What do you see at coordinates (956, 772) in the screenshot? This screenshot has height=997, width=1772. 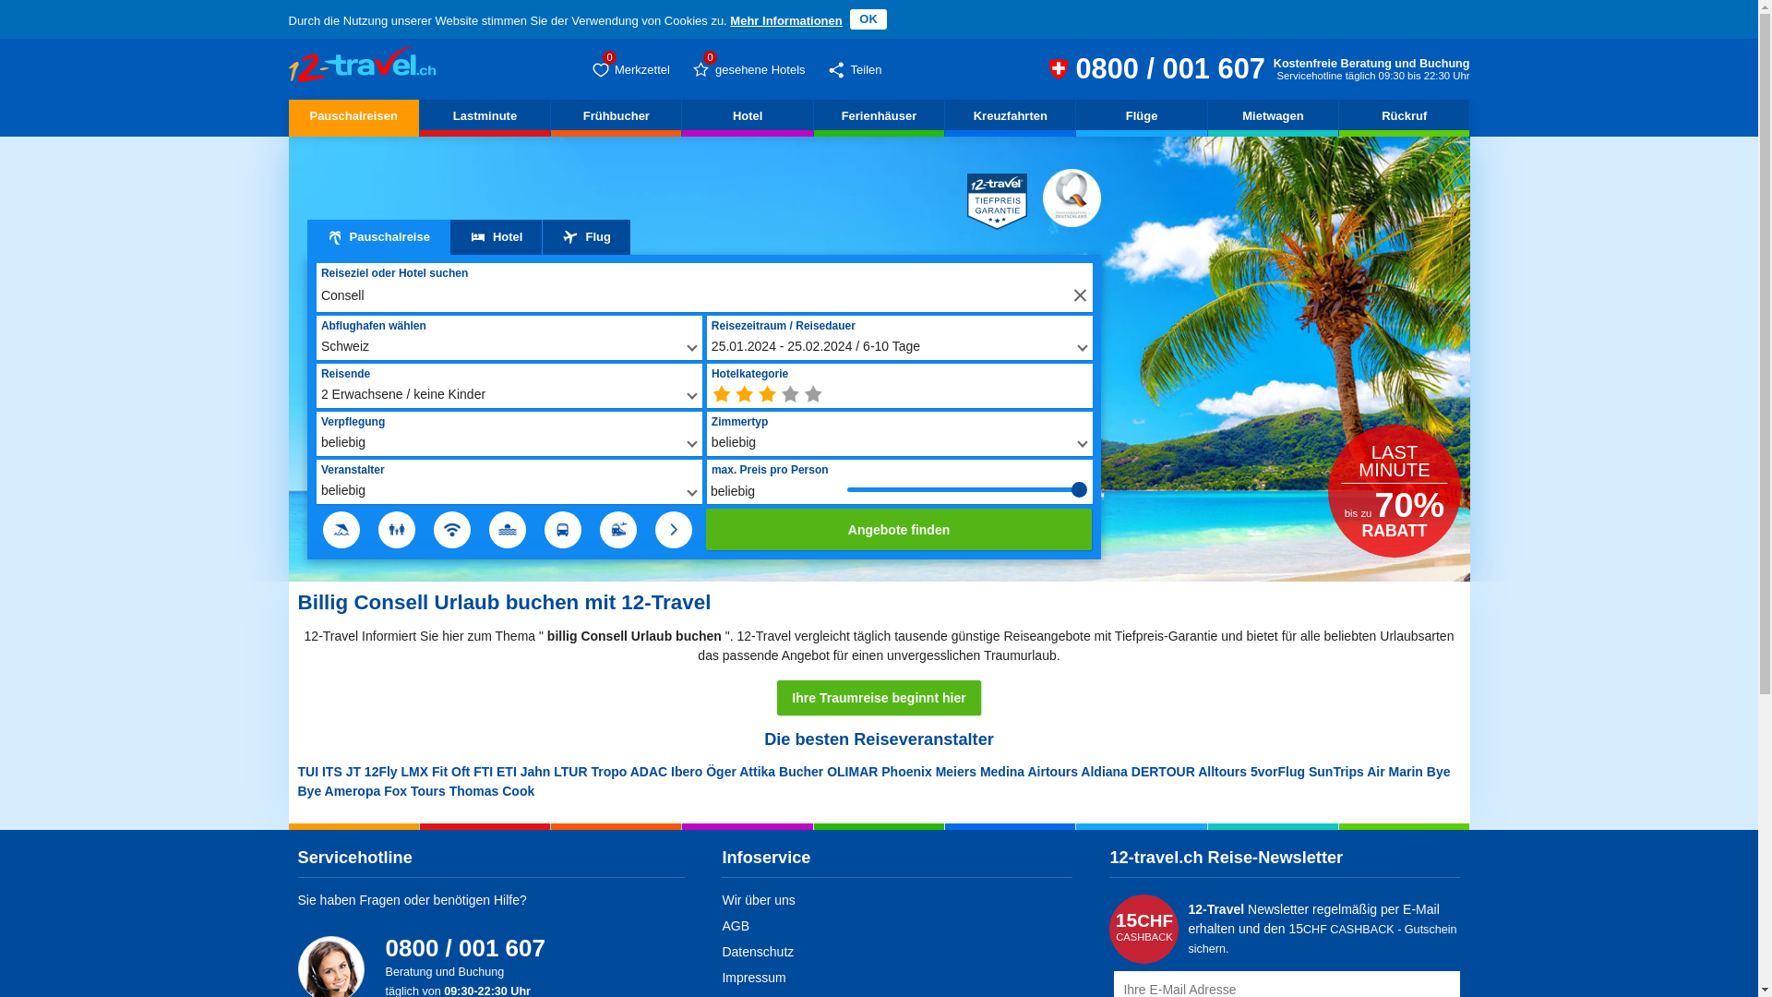 I see `'Meiers'` at bounding box center [956, 772].